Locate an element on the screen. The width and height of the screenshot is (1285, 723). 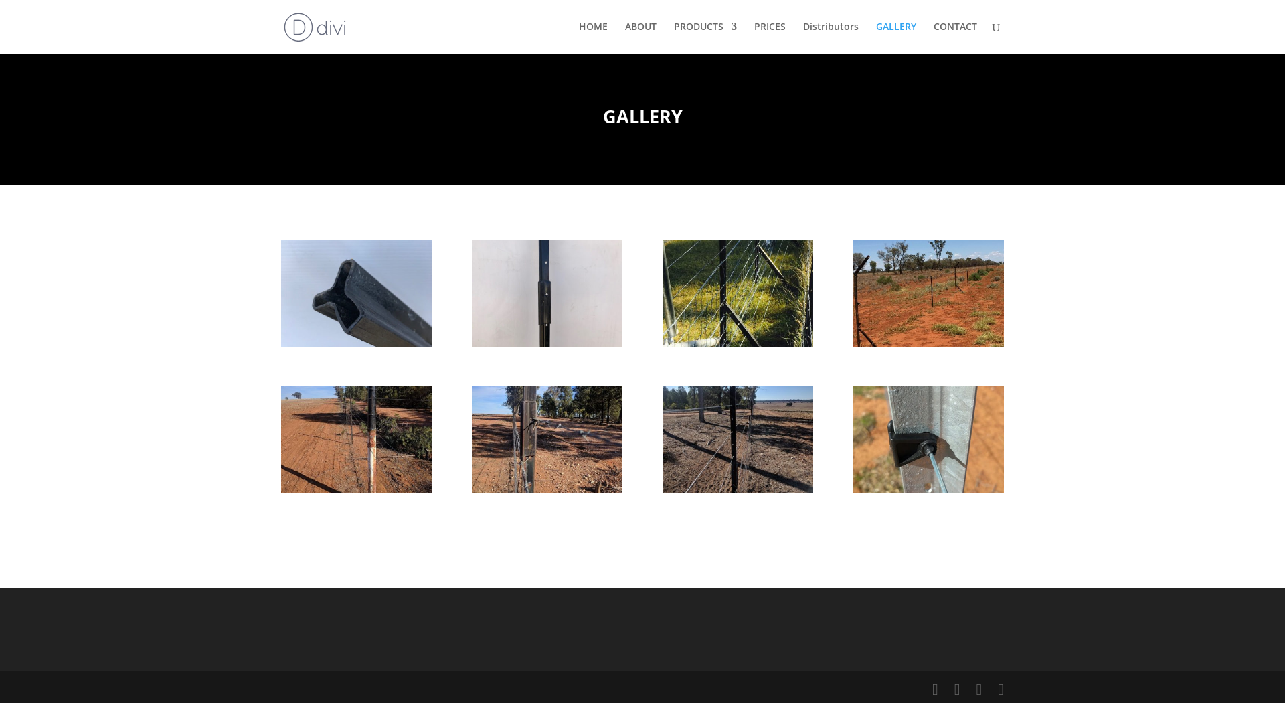
'ABOUT' is located at coordinates (640, 37).